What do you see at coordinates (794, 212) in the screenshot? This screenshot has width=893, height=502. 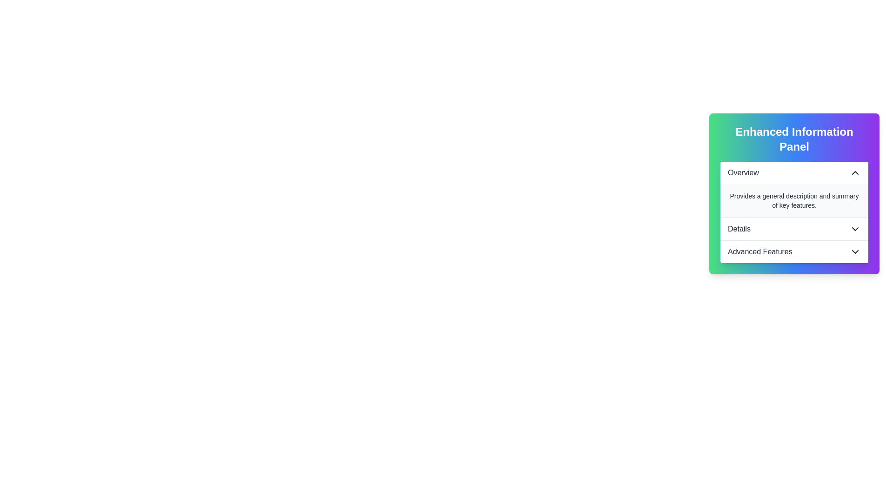 I see `the Collapsible information panel section located under the 'Enhanced Information Panel' heading, which contains a title and description of key features` at bounding box center [794, 212].